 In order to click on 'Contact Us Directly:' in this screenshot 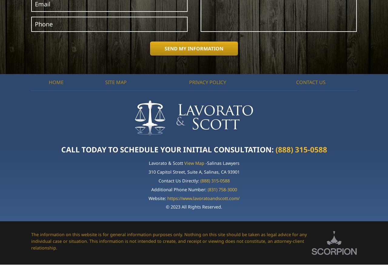, I will do `click(179, 181)`.